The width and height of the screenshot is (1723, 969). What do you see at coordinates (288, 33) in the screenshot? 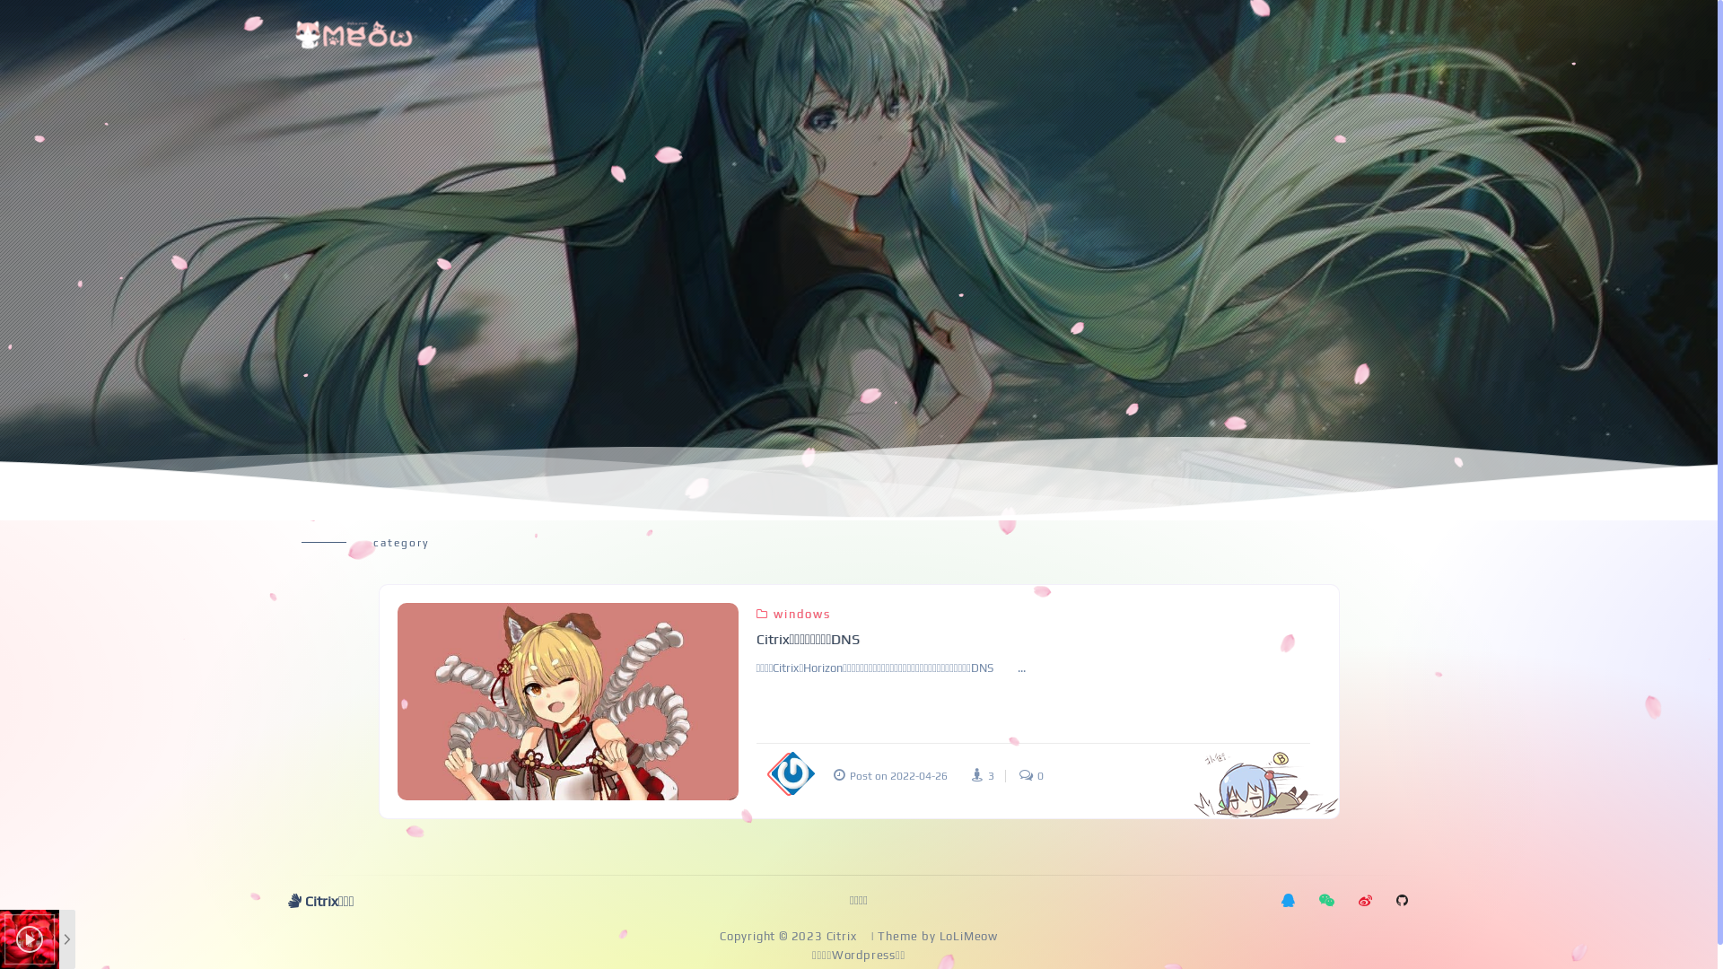
I see `'boxmoe'` at bounding box center [288, 33].